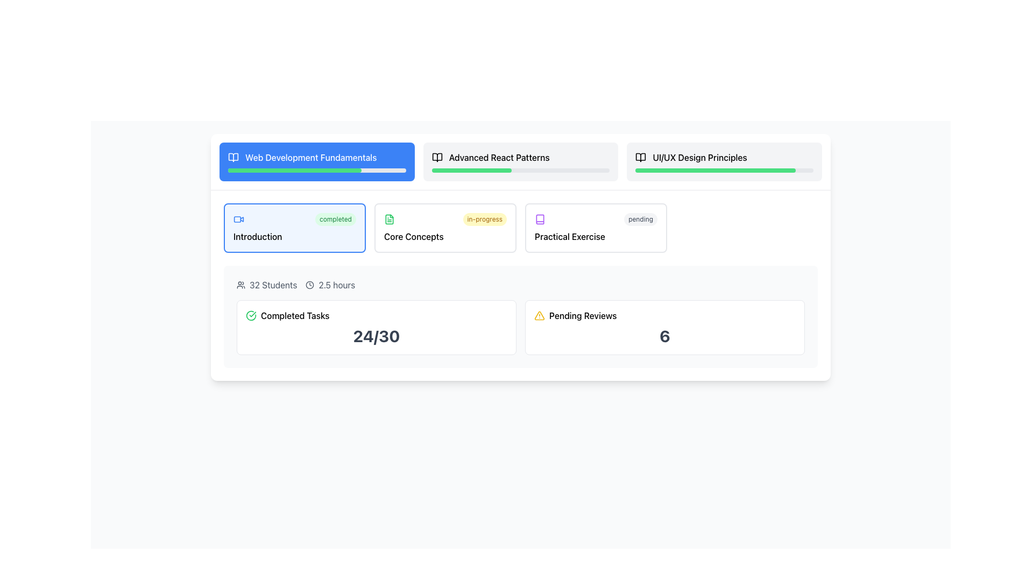 The width and height of the screenshot is (1033, 581). What do you see at coordinates (498, 158) in the screenshot?
I see `the text label titled 'Advanced React Patterns'` at bounding box center [498, 158].